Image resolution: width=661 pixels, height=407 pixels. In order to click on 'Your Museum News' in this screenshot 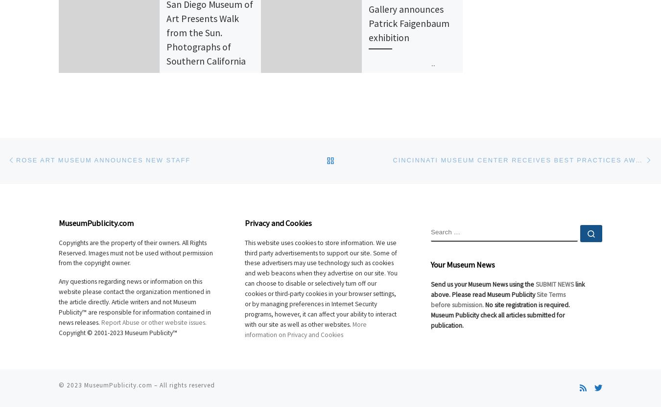, I will do `click(462, 264)`.